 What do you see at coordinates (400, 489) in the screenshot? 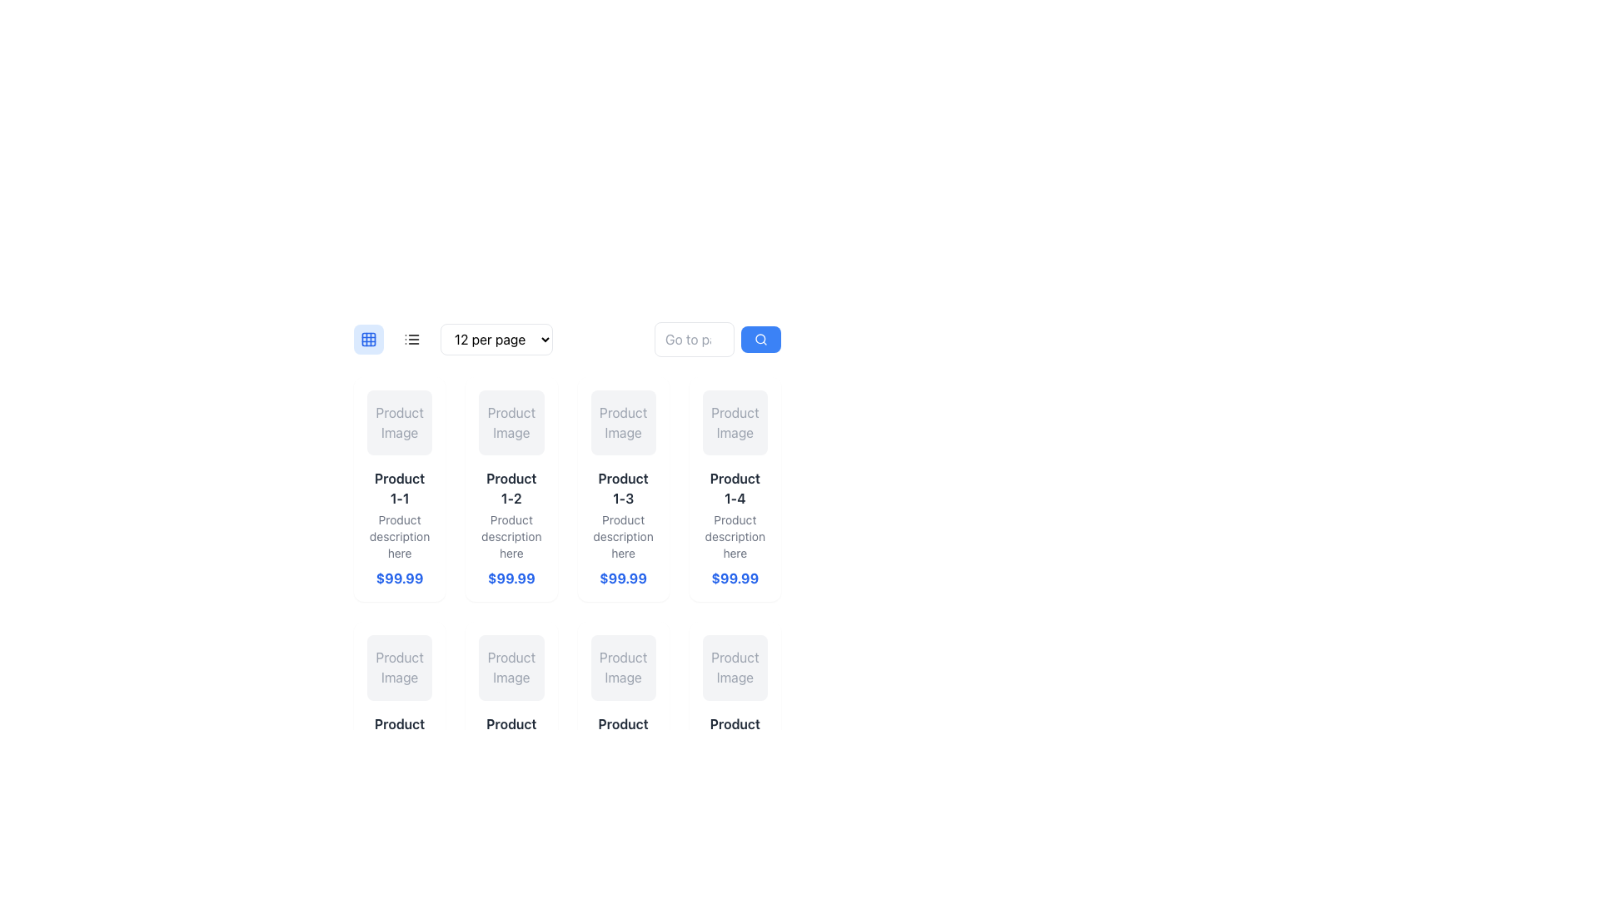
I see `the first product display card in the grid layout, which includes an image, title, description, and price` at bounding box center [400, 489].